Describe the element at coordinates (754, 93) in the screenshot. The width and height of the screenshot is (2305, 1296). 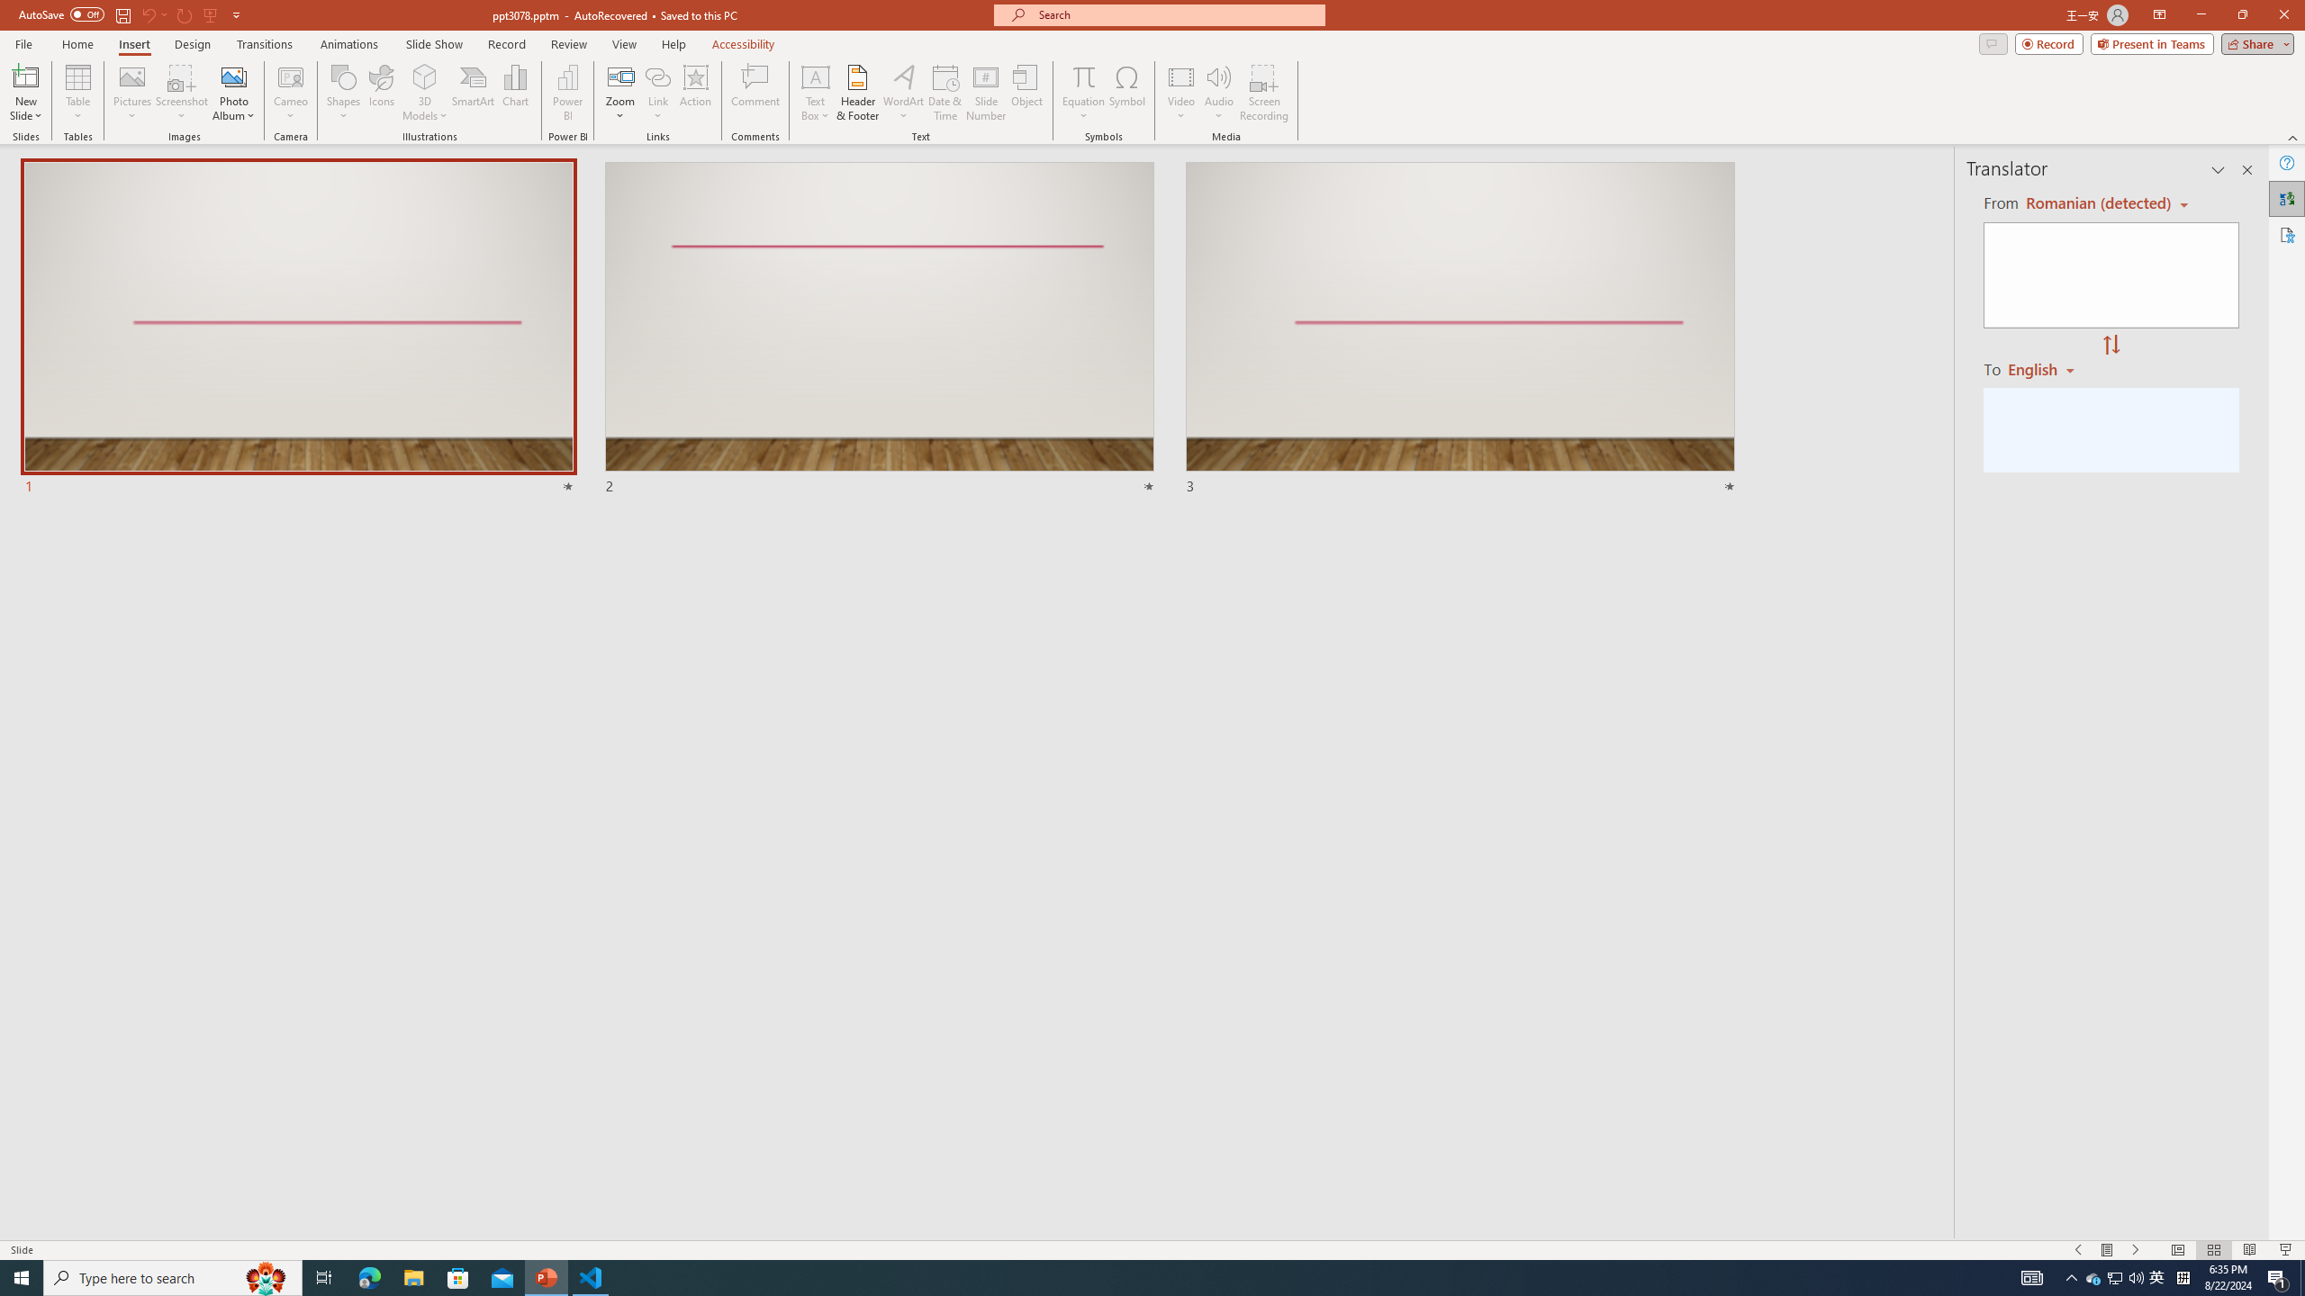
I see `'Comment'` at that location.